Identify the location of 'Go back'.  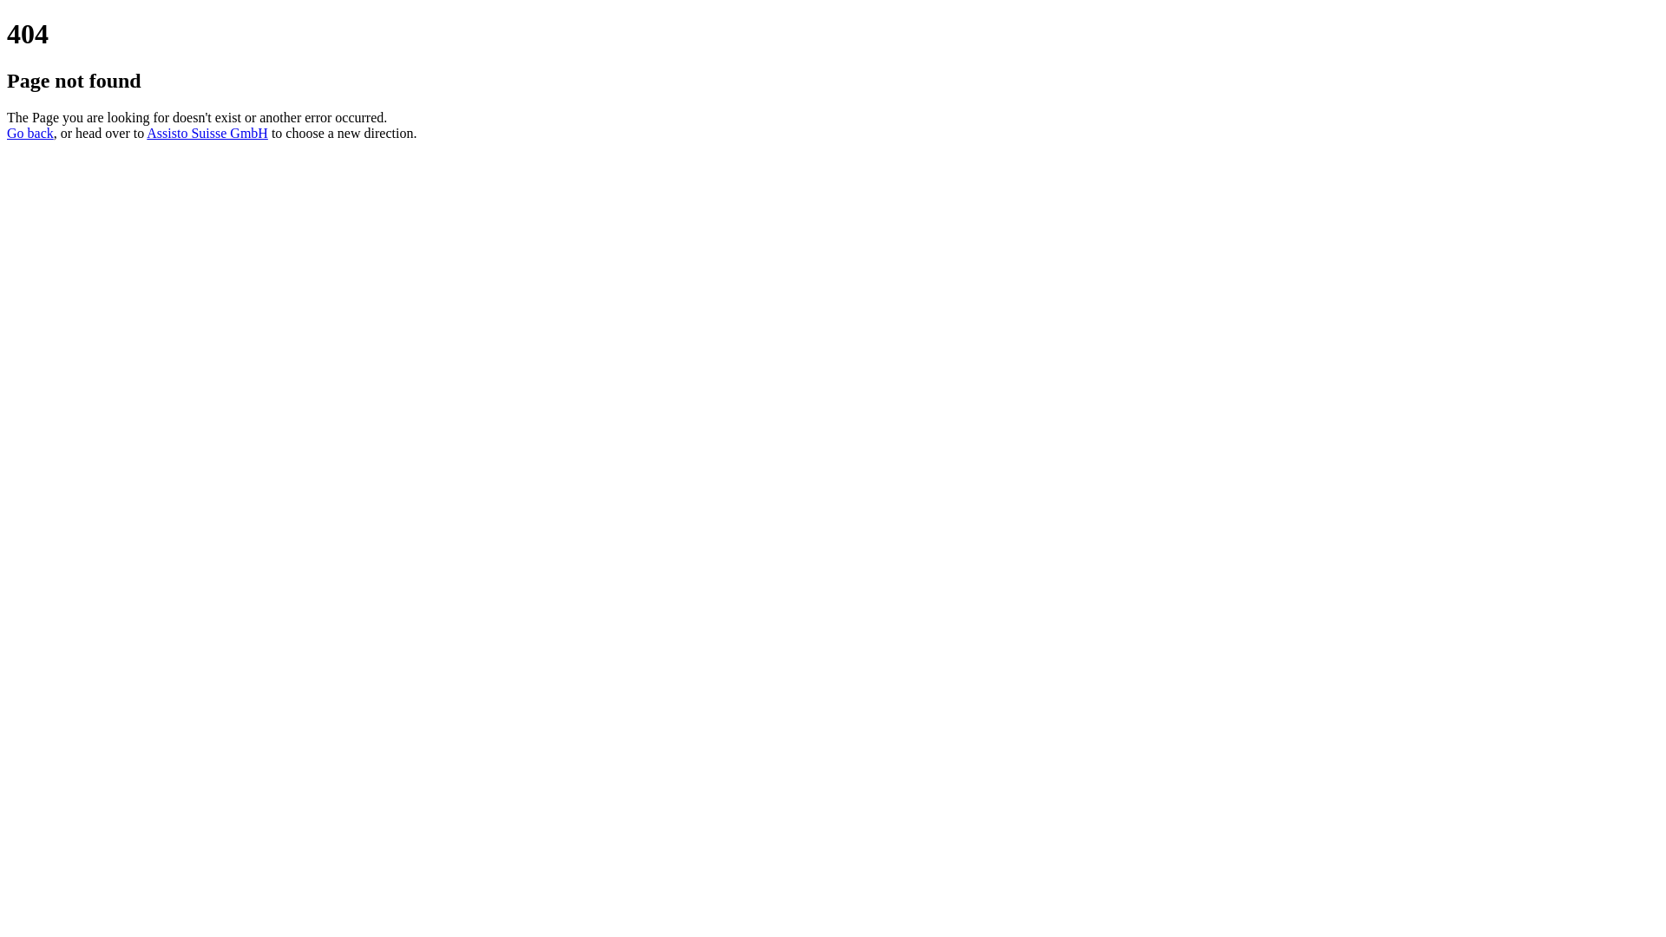
(30, 132).